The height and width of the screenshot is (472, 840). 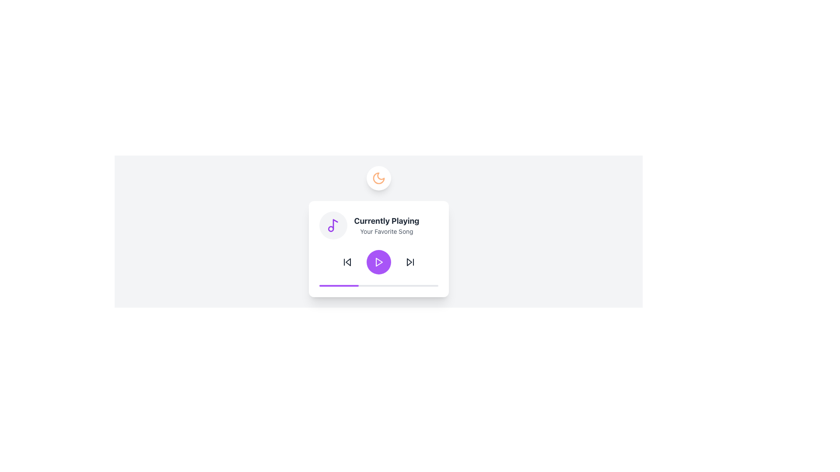 What do you see at coordinates (378, 225) in the screenshot?
I see `text content of the primary text display component in the upper portion of the card layout that indicates the currently playing track's title and description` at bounding box center [378, 225].